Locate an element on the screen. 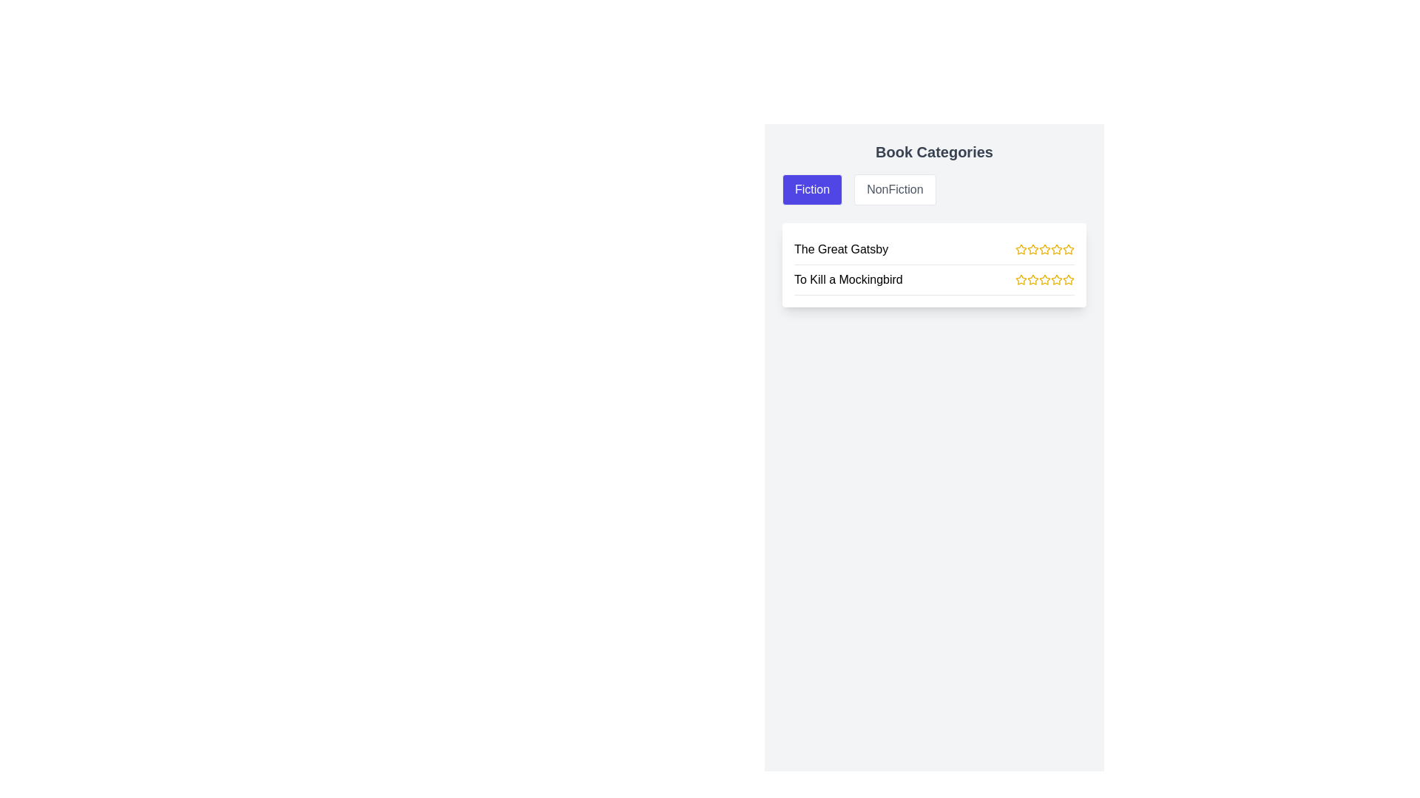  the fifth yellow star icon in the star rating component for the book 'To Kill a Mockingbird' below the title 'The Great Gatsby' is located at coordinates (1056, 279).